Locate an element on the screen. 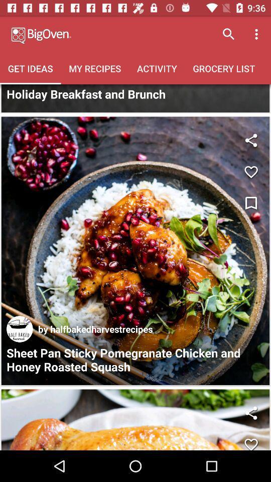 This screenshot has width=271, height=482. site is located at coordinates (20, 328).